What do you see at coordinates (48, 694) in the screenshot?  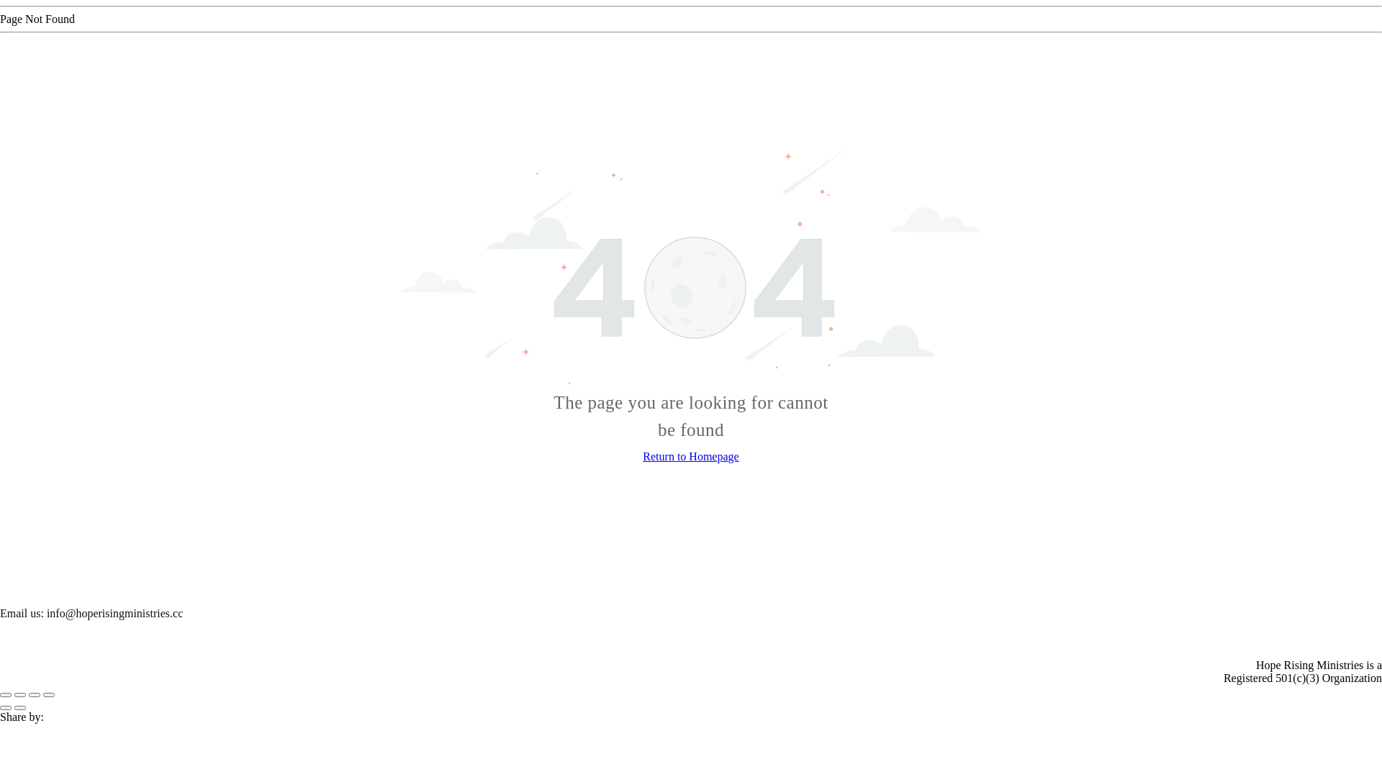 I see `'Zoom in/out'` at bounding box center [48, 694].